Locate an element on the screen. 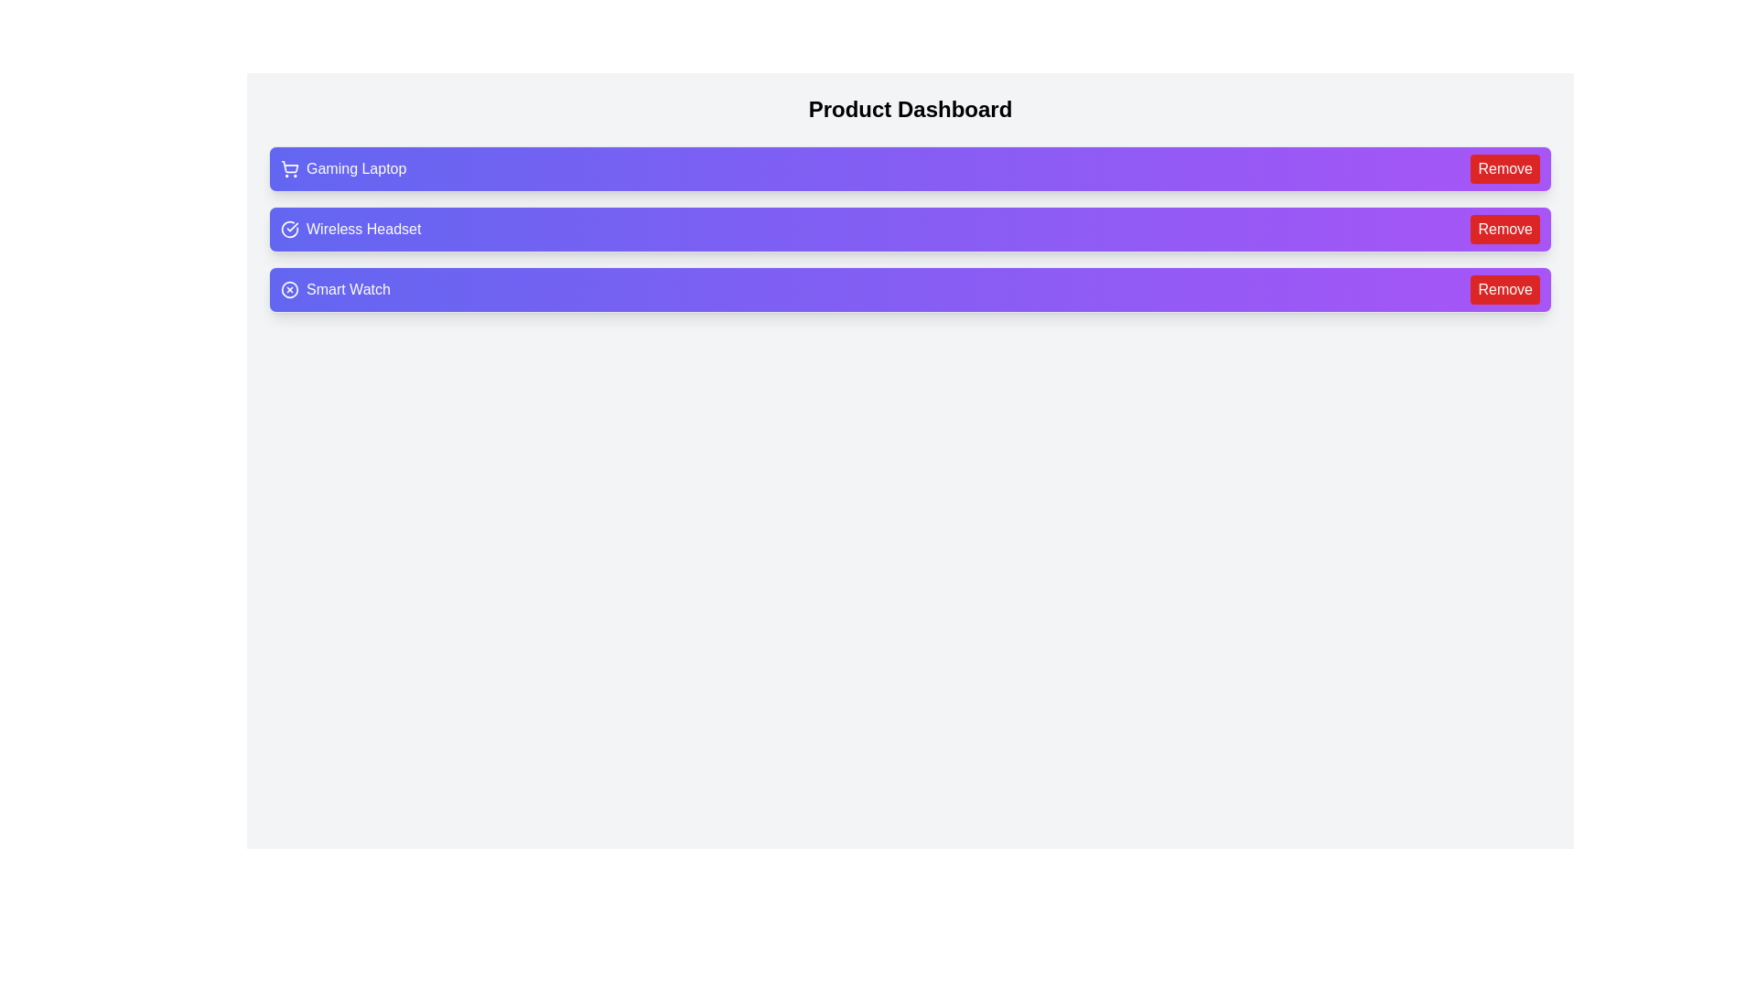 This screenshot has width=1757, height=988. 'Remove' button for the product labeled Gaming Laptop is located at coordinates (1505, 169).